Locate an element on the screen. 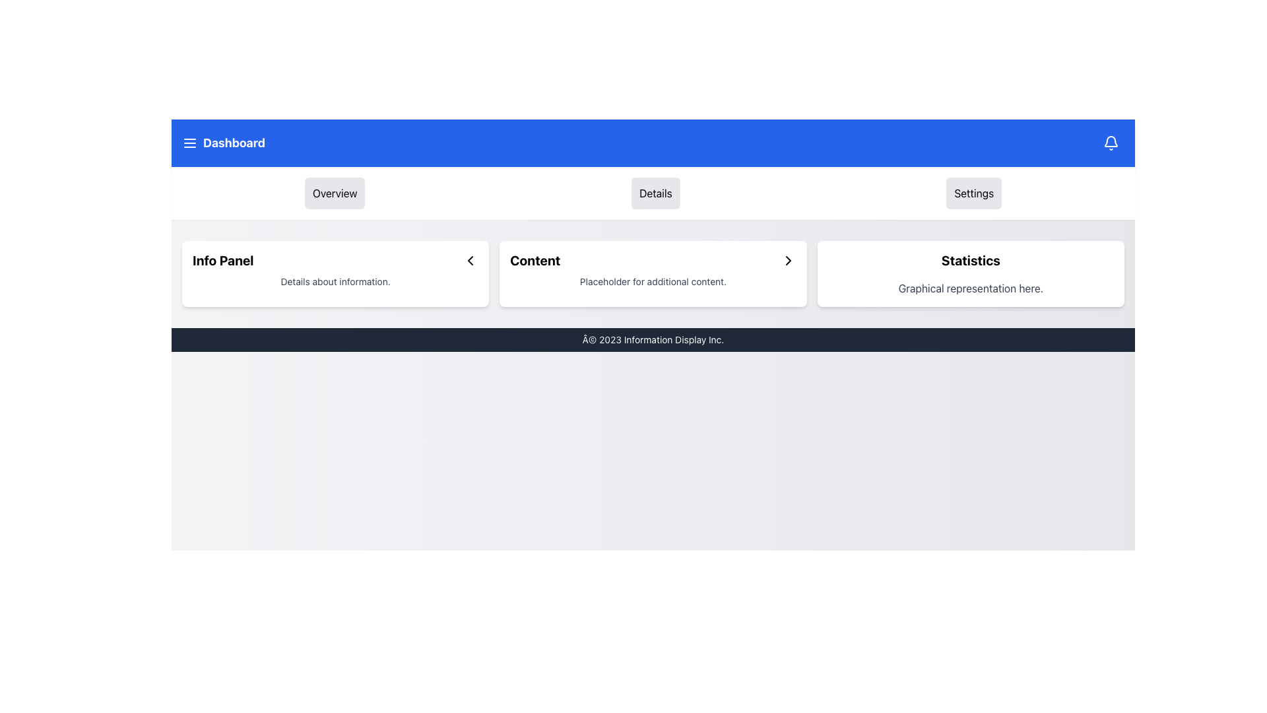 The width and height of the screenshot is (1267, 713). the Navigation bar located at the top of the page is located at coordinates (653, 143).